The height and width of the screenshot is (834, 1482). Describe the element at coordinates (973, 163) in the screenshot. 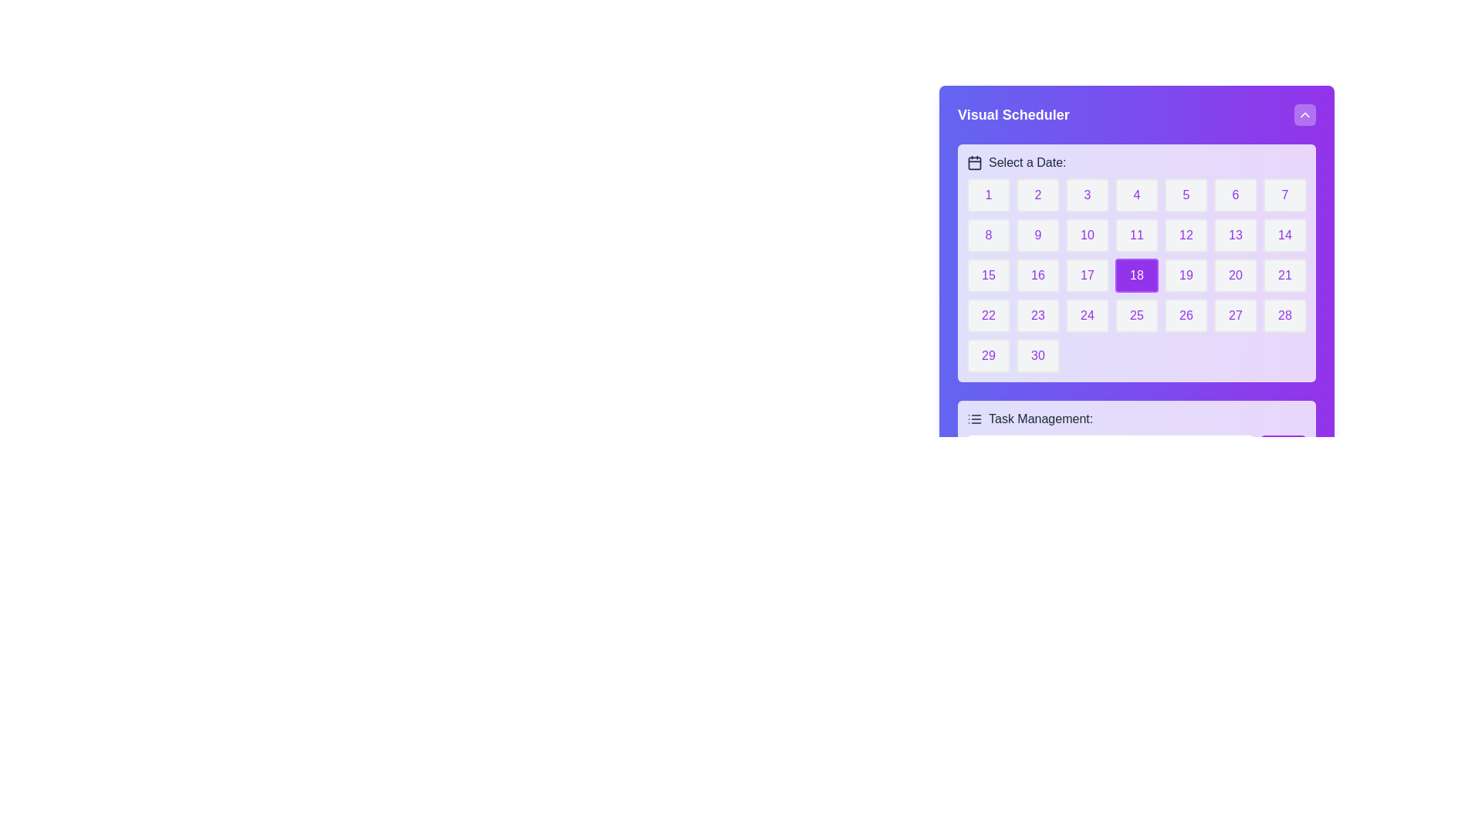

I see `the calendar icon located to the left of the text 'Select a Date:' in the 'Visual Scheduler' panel` at that location.